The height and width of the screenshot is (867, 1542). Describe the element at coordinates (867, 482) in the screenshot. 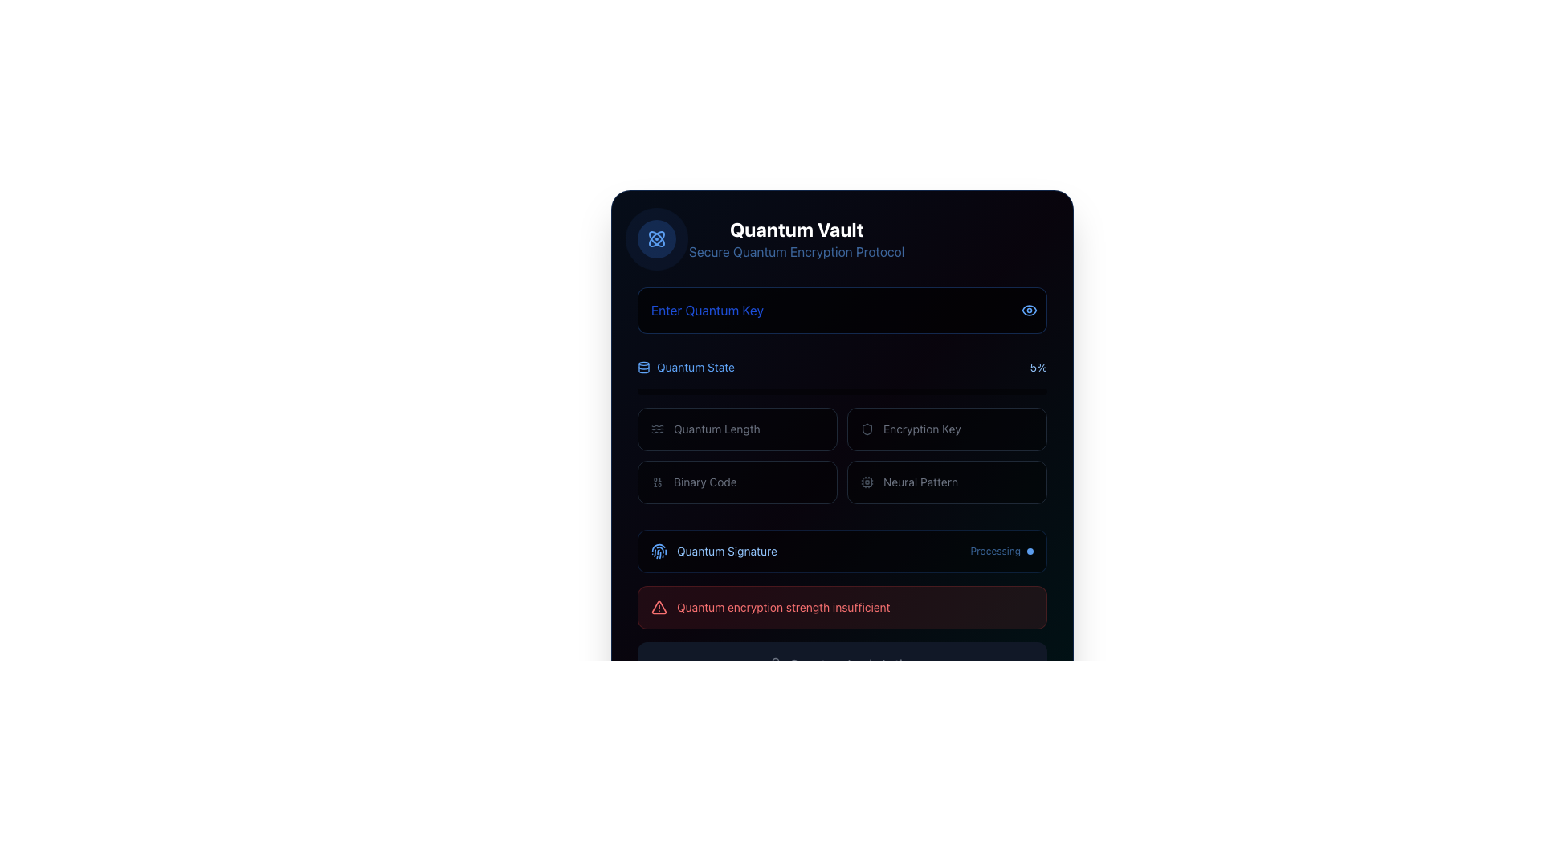

I see `the small square-shaped CPU chip icon located in the top-left corner of the 'Neural Pattern' button` at that location.